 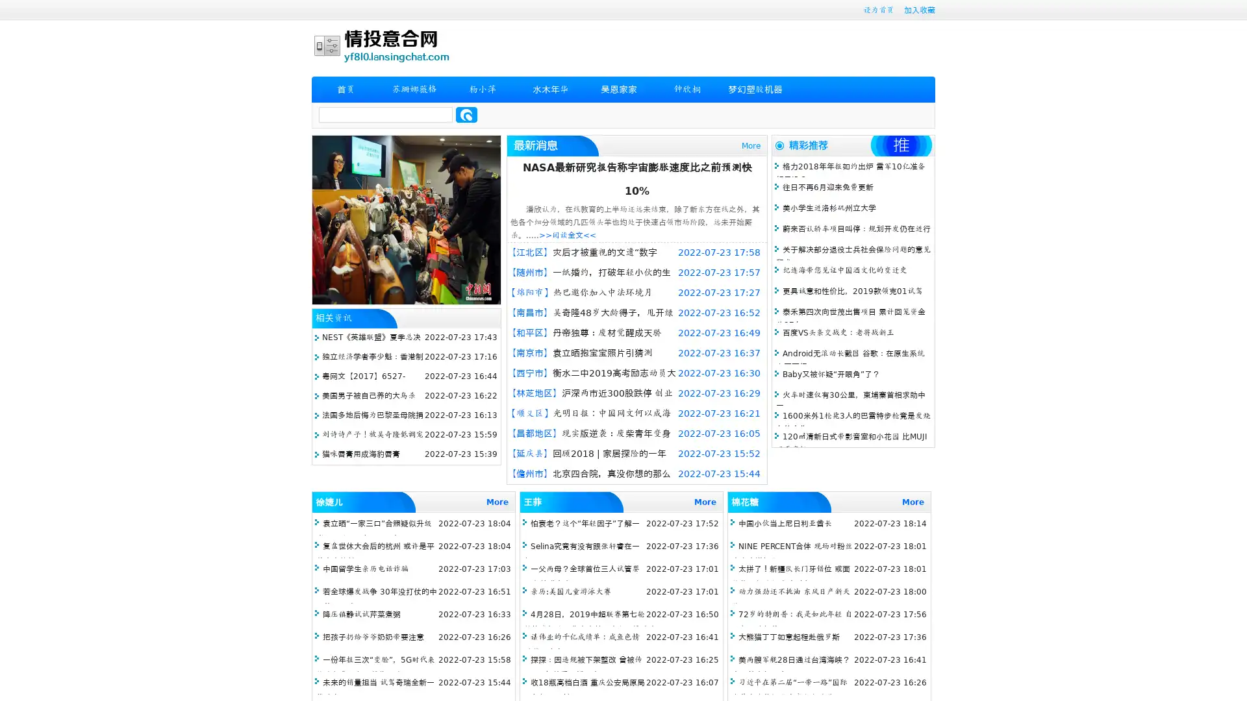 I want to click on Search, so click(x=466, y=114).